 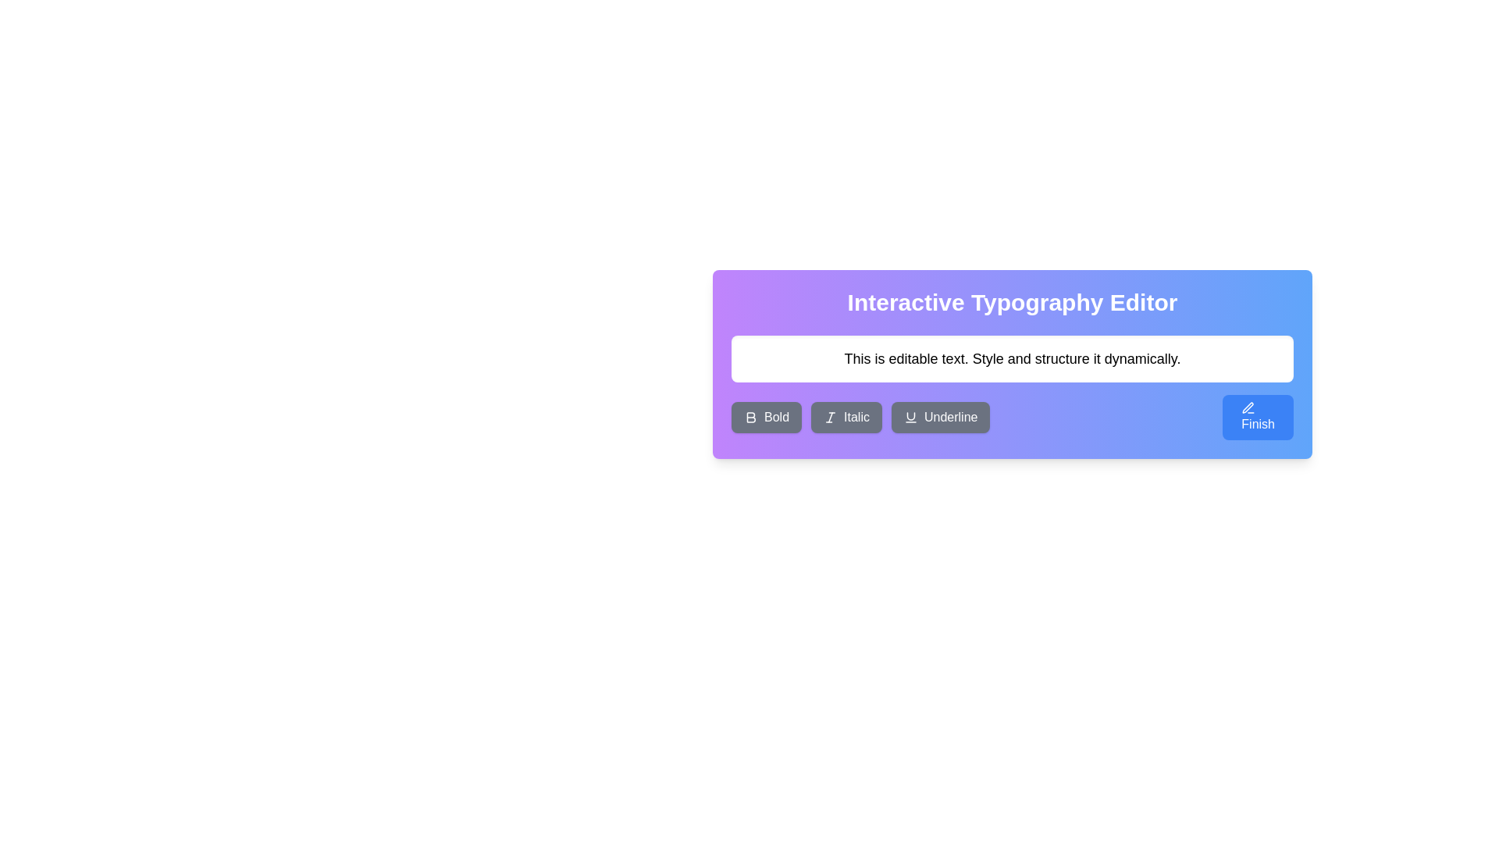 What do you see at coordinates (1248, 407) in the screenshot?
I see `the compact pen icon located to the right of the blue 'Finish' button to initiate the edit action` at bounding box center [1248, 407].